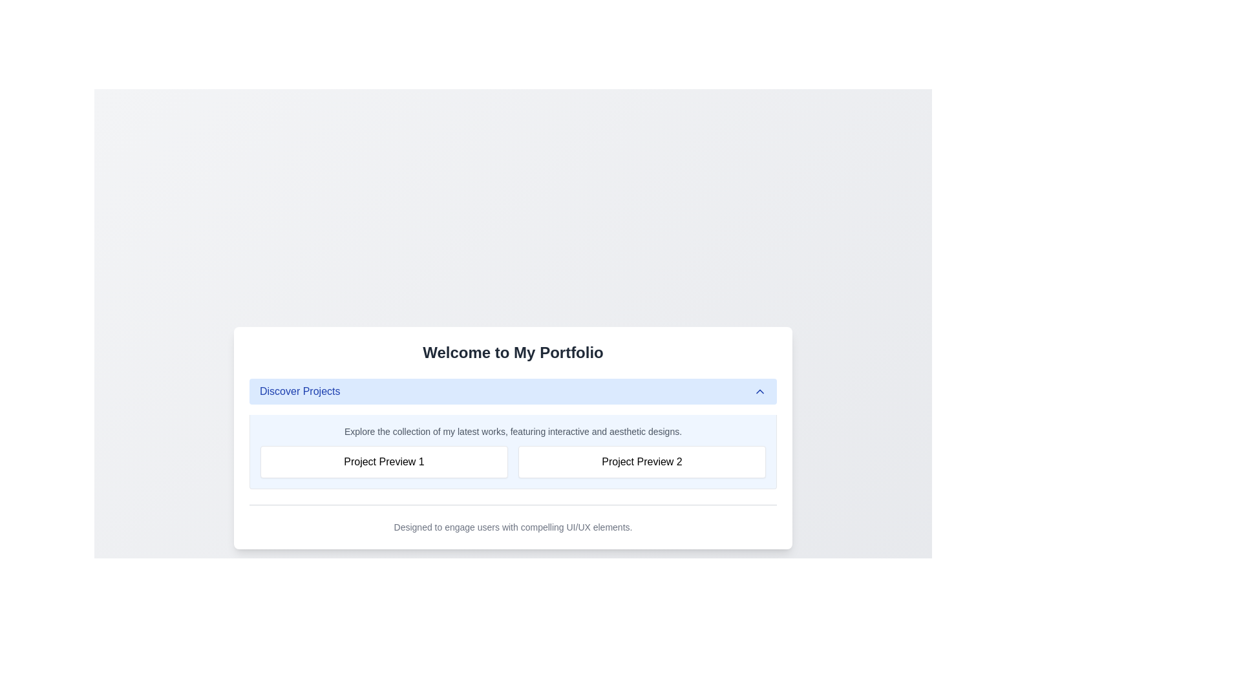 The height and width of the screenshot is (698, 1241). What do you see at coordinates (760, 390) in the screenshot?
I see `the upward chevron icon located at the rightmost edge of the 'Discover Projects' button` at bounding box center [760, 390].